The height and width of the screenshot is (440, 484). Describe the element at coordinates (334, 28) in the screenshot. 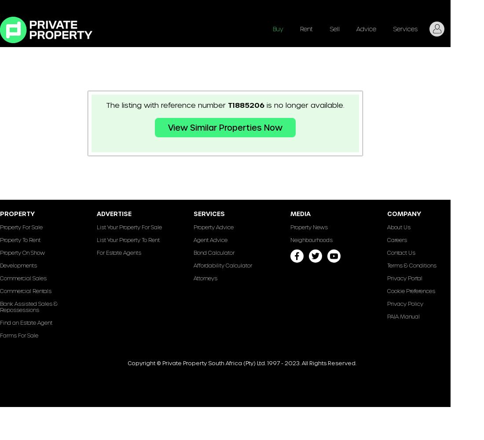

I see `'Sell'` at that location.